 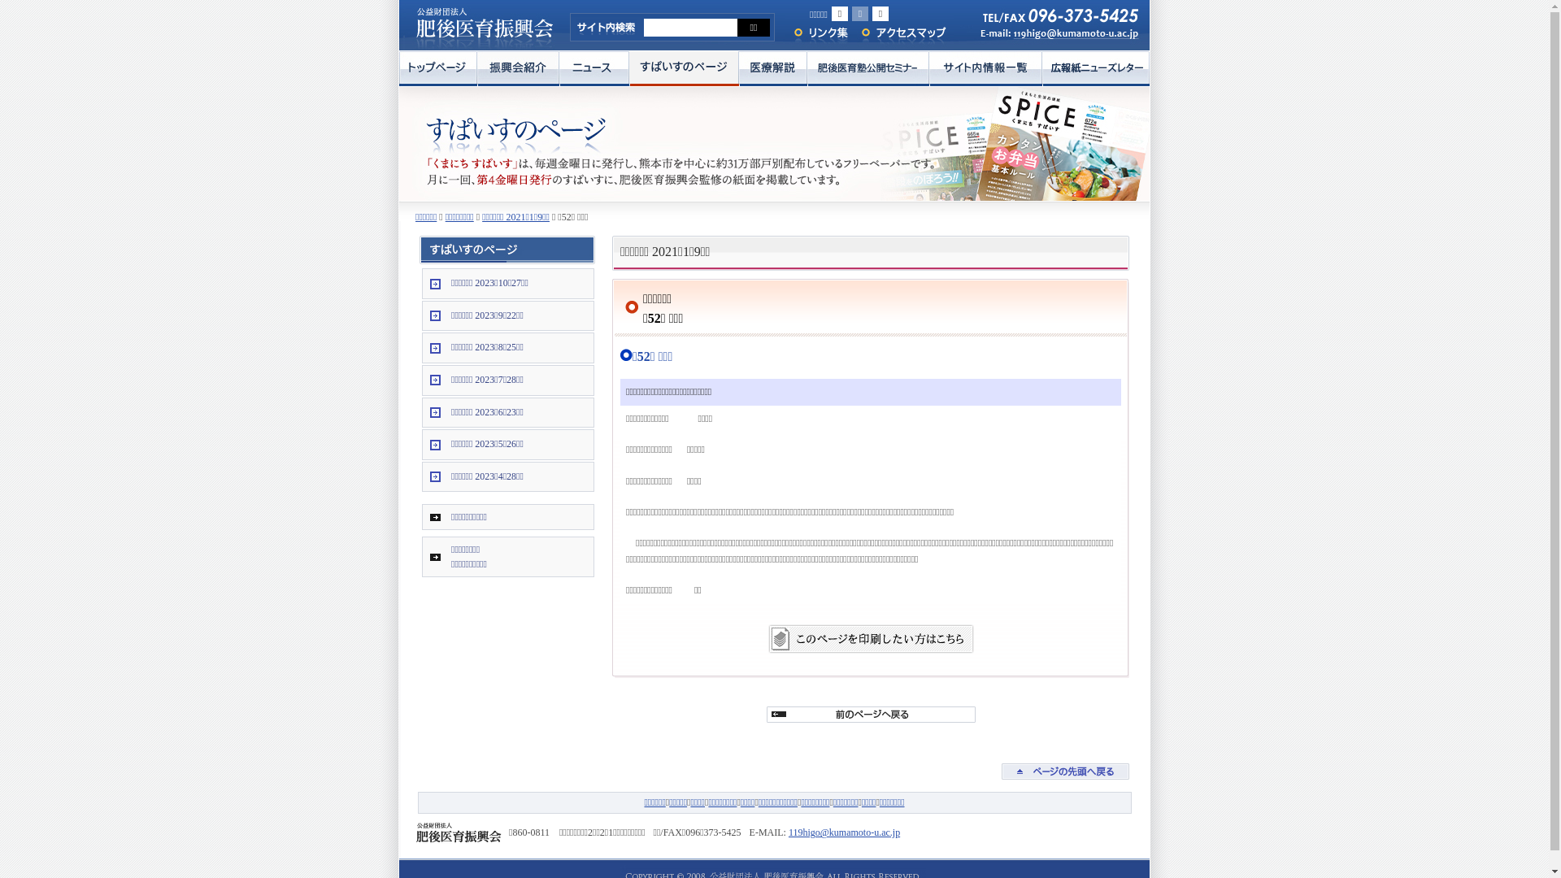 What do you see at coordinates (788, 832) in the screenshot?
I see `'119higo@kumamoto-u.ac.jp'` at bounding box center [788, 832].